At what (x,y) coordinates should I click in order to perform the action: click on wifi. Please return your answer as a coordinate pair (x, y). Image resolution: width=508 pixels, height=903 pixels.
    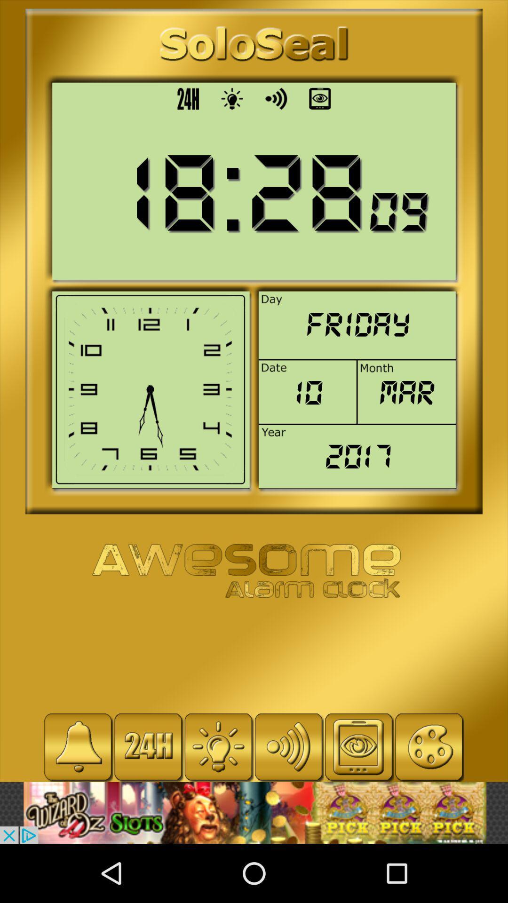
    Looking at the image, I should click on (288, 746).